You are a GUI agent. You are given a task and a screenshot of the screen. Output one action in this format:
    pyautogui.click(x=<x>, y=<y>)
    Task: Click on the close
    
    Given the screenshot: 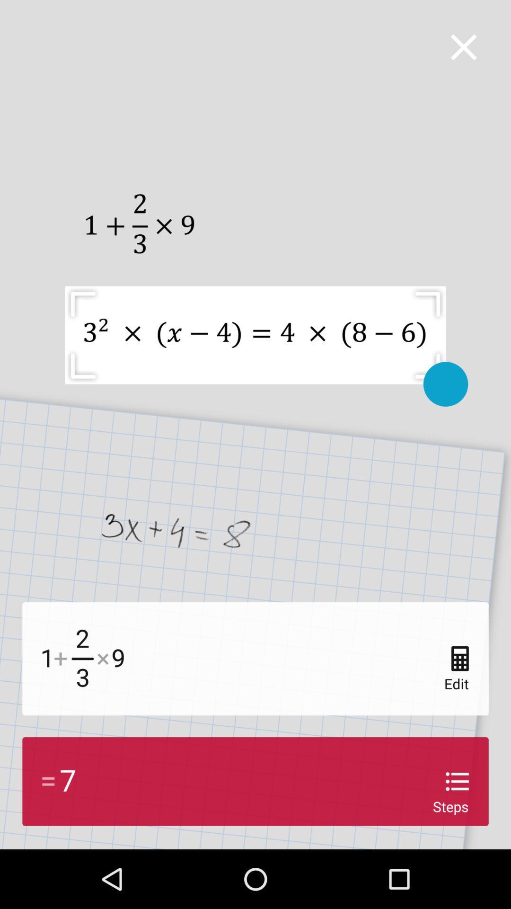 What is the action you would take?
    pyautogui.click(x=463, y=46)
    